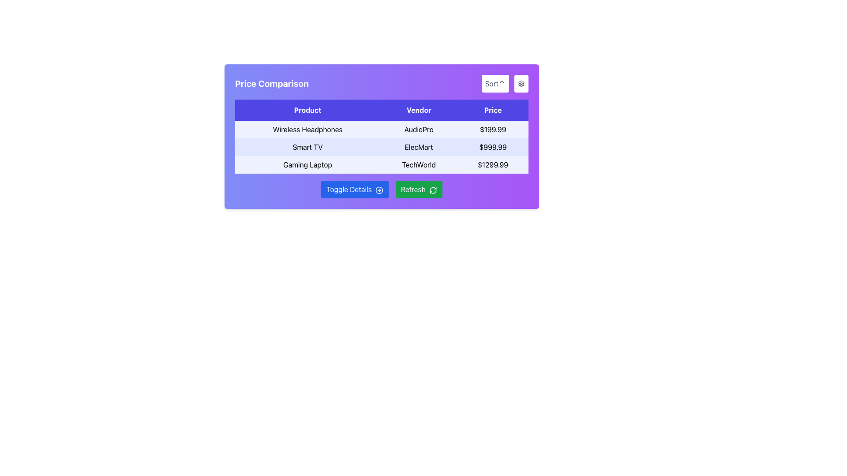  Describe the element at coordinates (379, 190) in the screenshot. I see `the circular element styled with a border stroke that is part of the 'Toggle Details' button, located near the bottom center of the interface` at that location.